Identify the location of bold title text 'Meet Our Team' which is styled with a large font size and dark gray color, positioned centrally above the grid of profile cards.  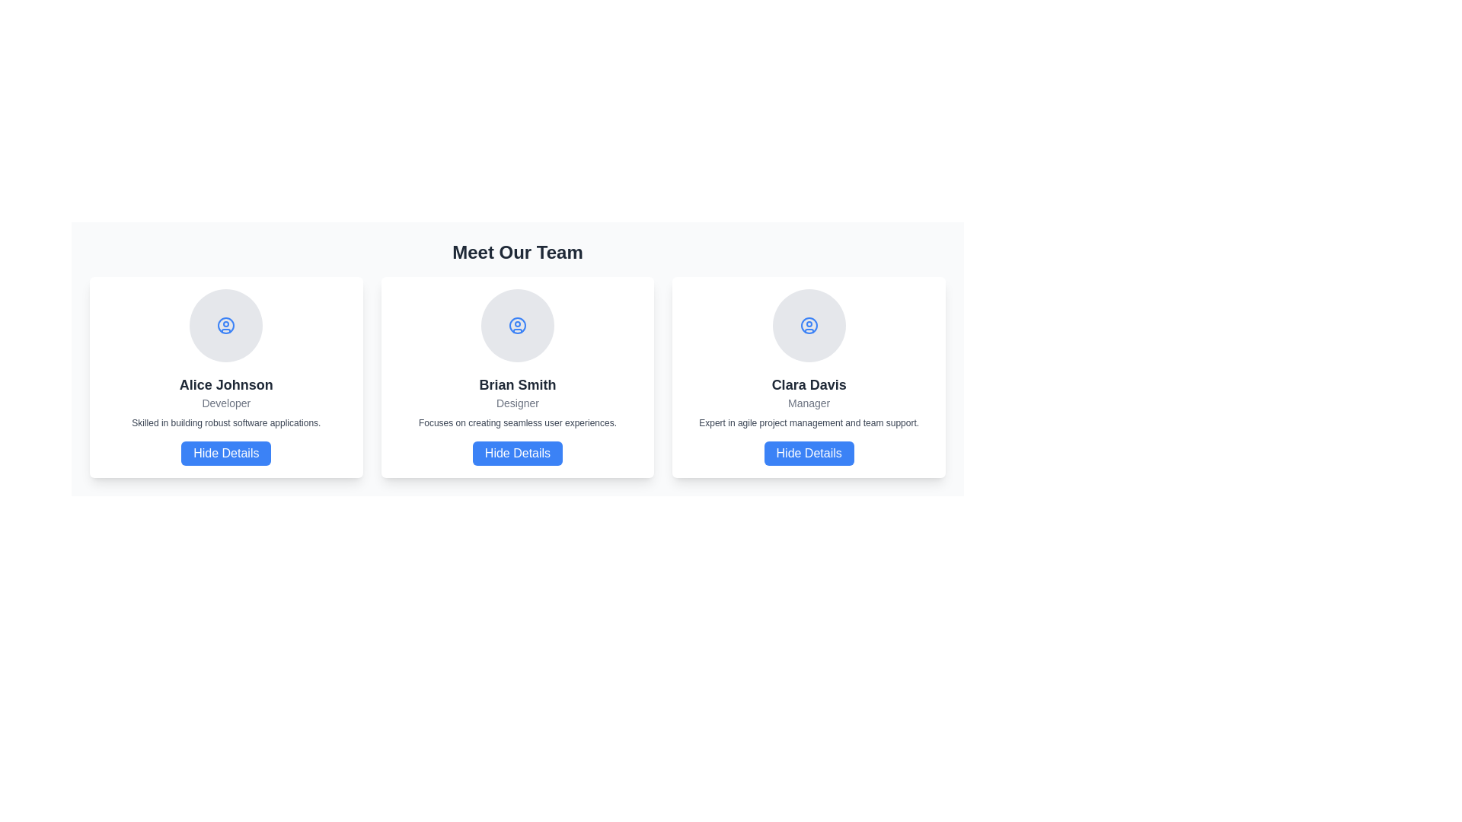
(518, 251).